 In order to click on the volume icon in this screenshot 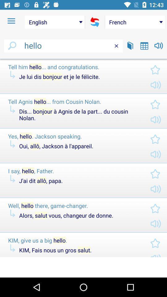, I will do `click(159, 45)`.